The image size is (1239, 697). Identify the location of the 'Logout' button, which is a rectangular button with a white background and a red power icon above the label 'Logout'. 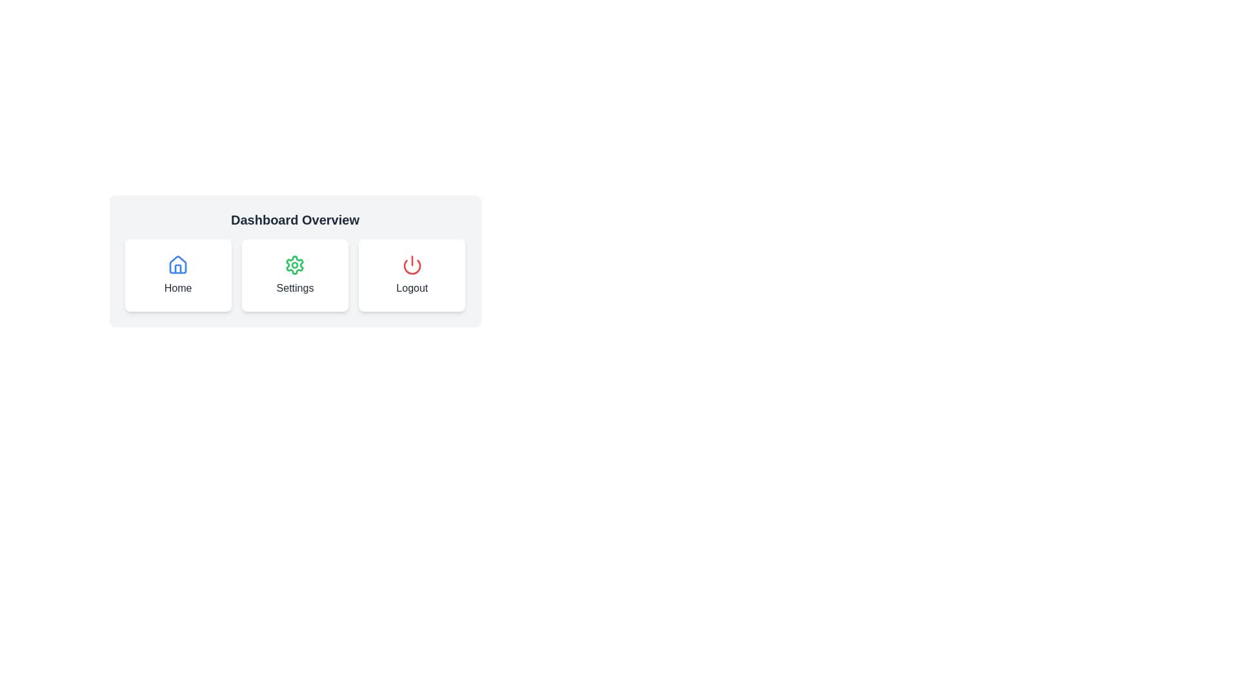
(411, 275).